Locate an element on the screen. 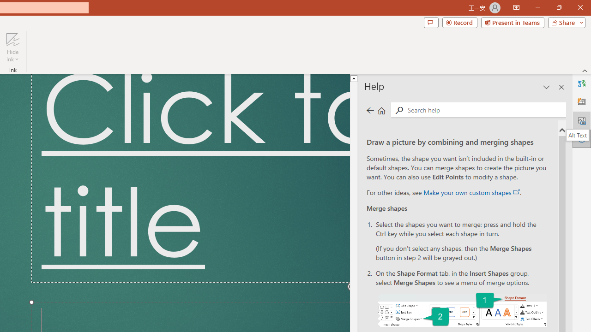 The width and height of the screenshot is (591, 332). 'Collapse the Ribbon' is located at coordinates (585, 70).